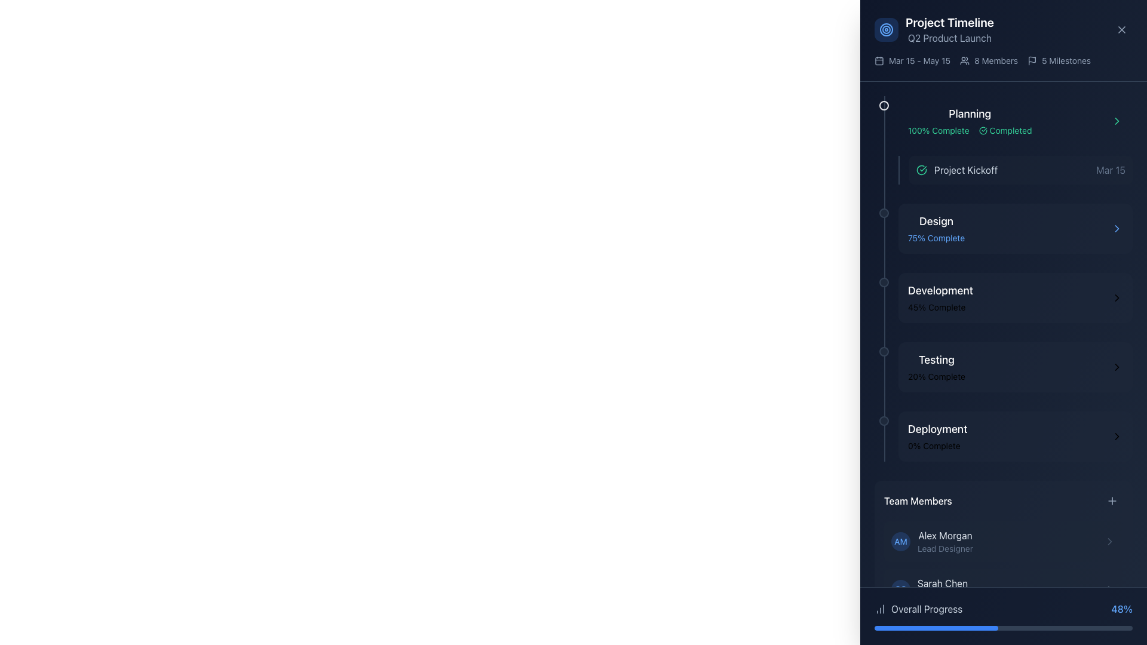 Image resolution: width=1147 pixels, height=645 pixels. What do you see at coordinates (1004, 297) in the screenshot?
I see `the progress indicator display card for the 'Development' phase, which is the third item in the vertically arranged timeline list` at bounding box center [1004, 297].